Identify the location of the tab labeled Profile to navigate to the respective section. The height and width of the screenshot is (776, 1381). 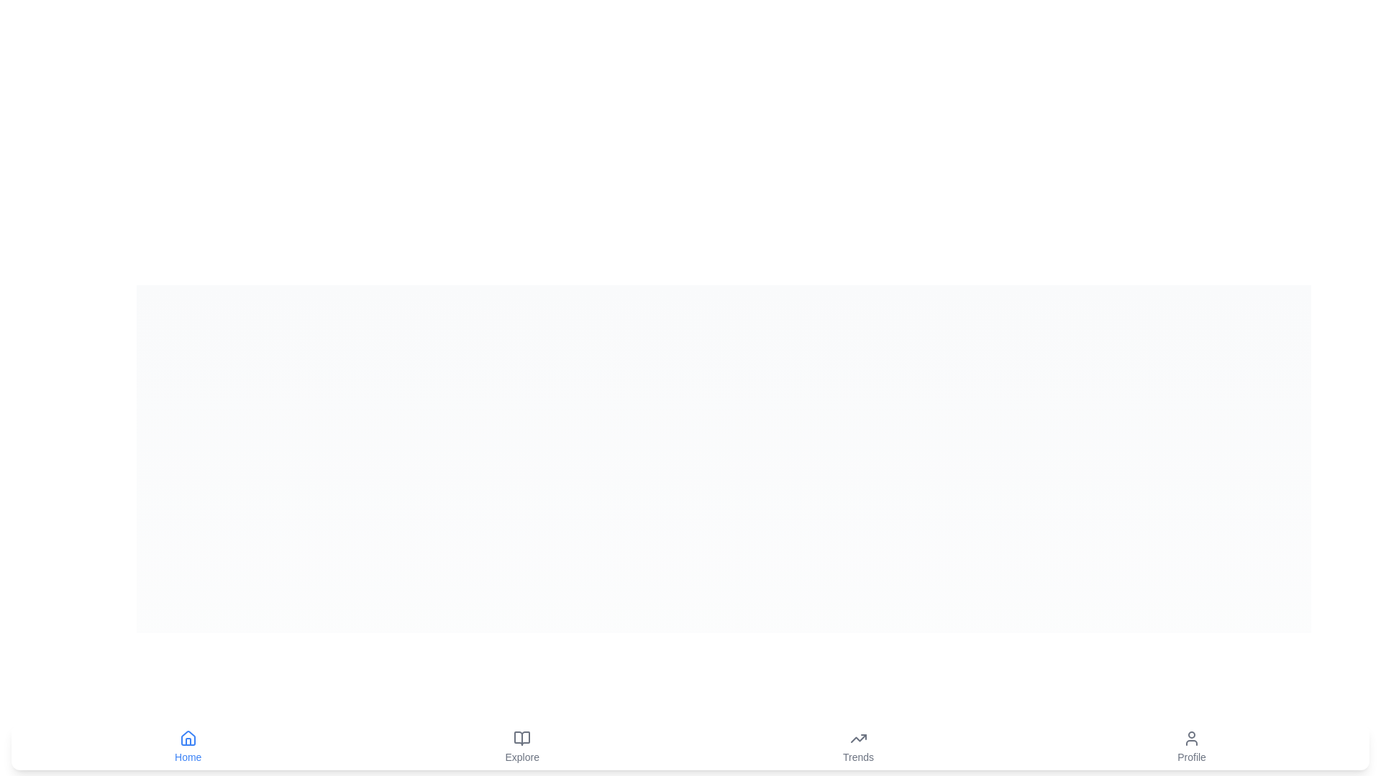
(1192, 747).